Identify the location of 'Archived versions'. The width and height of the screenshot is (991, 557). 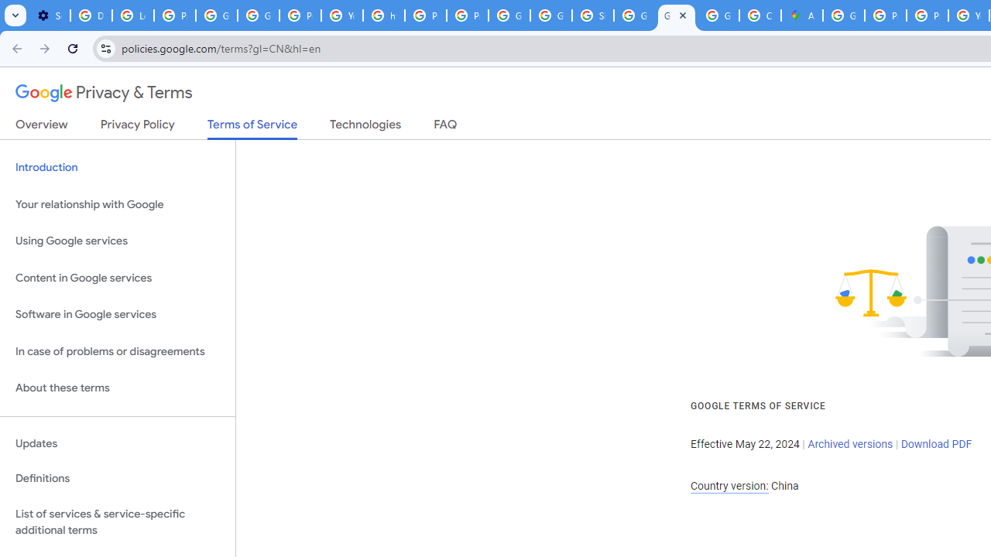
(849, 444).